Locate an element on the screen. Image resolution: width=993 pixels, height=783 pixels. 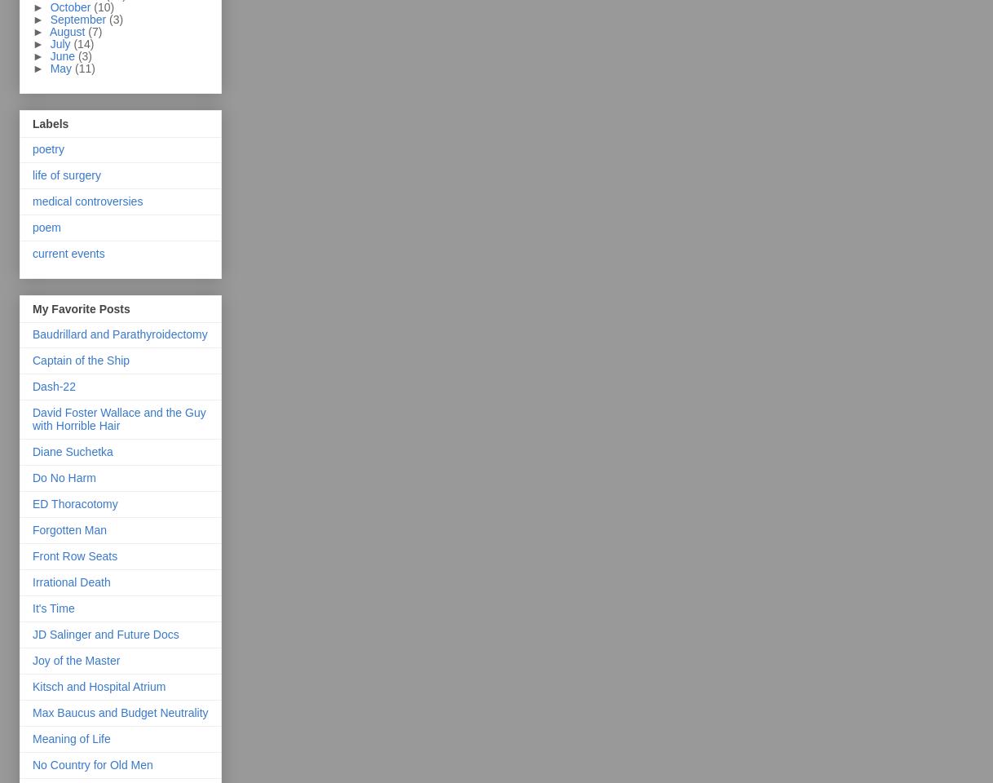
'(7)' is located at coordinates (95, 30).